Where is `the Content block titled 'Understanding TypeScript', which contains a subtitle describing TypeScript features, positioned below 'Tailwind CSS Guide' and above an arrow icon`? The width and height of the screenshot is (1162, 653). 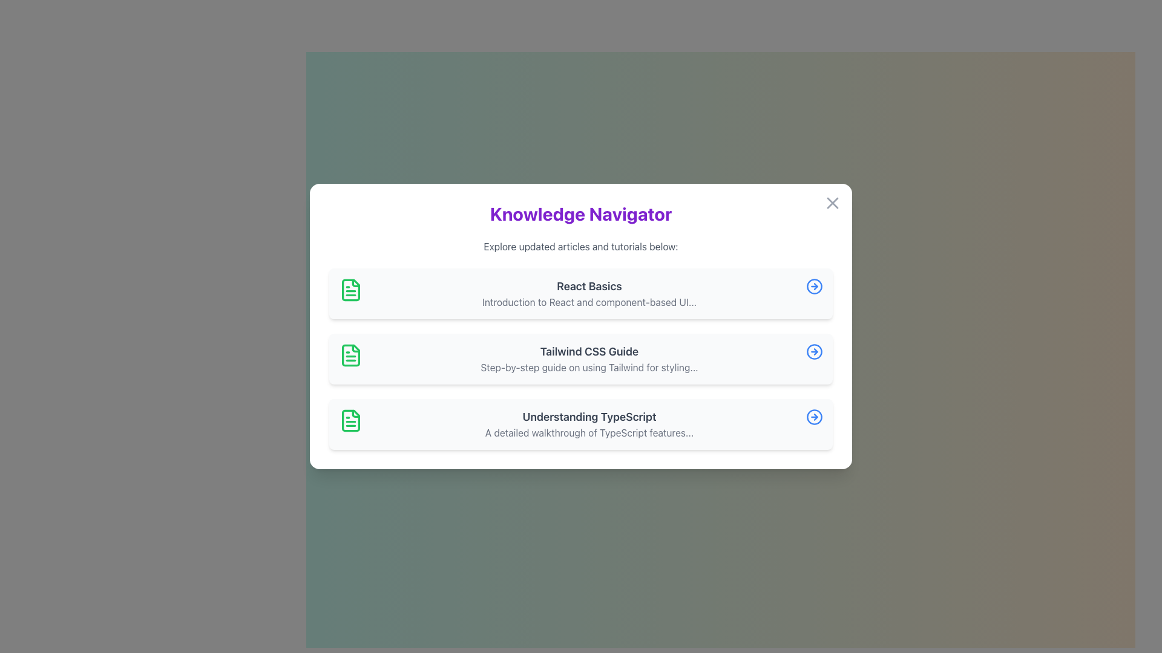
the Content block titled 'Understanding TypeScript', which contains a subtitle describing TypeScript features, positioned below 'Tailwind CSS Guide' and above an arrow icon is located at coordinates (589, 424).